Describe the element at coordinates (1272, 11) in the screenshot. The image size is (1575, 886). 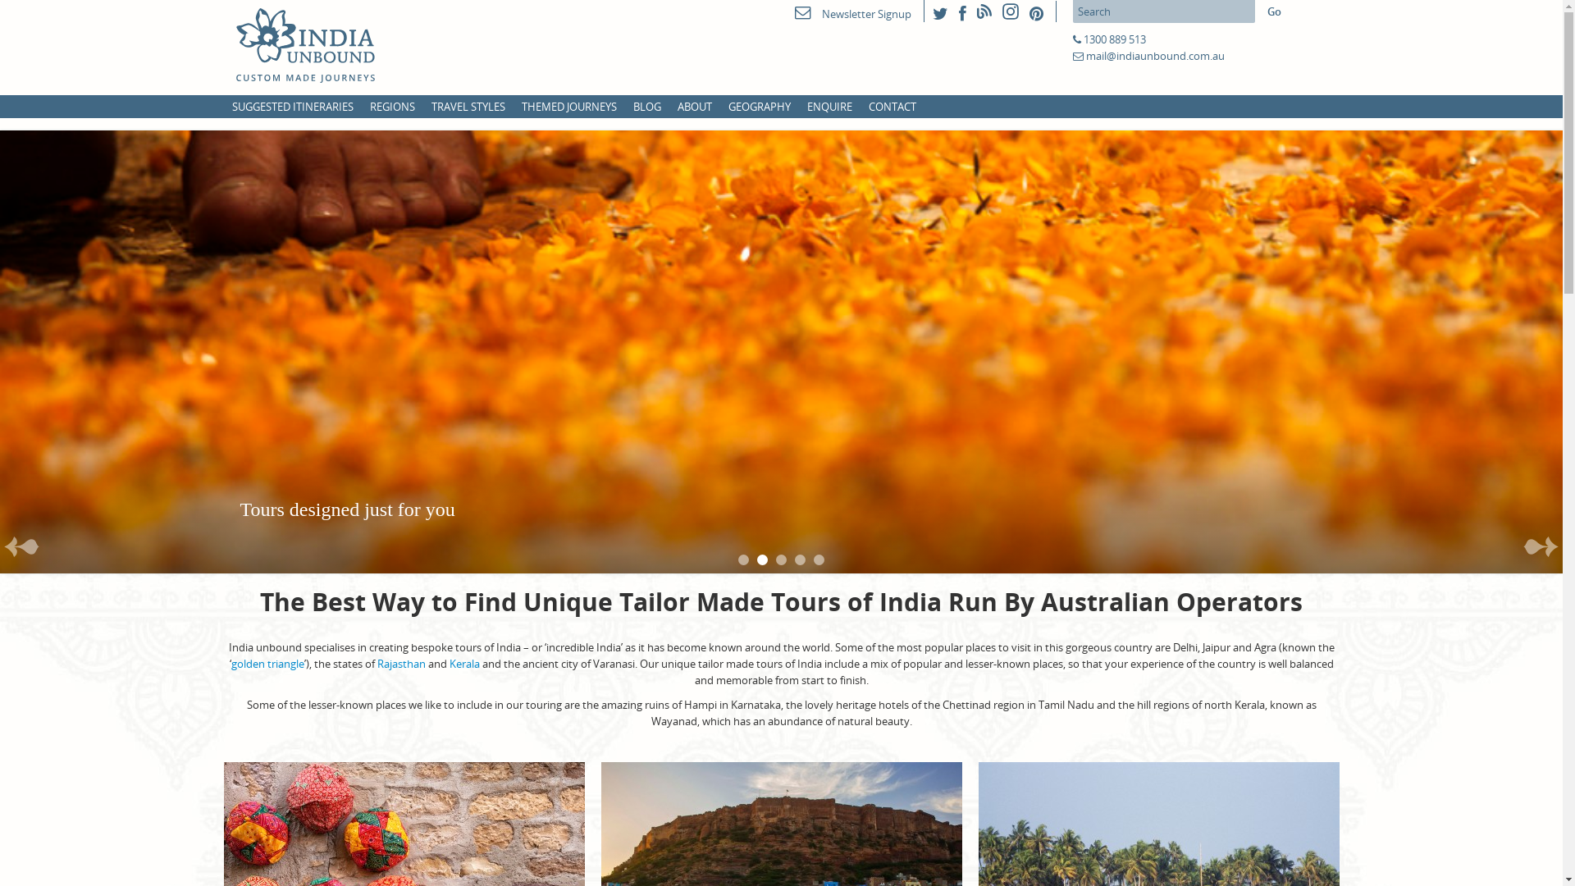
I see `'Go'` at that location.